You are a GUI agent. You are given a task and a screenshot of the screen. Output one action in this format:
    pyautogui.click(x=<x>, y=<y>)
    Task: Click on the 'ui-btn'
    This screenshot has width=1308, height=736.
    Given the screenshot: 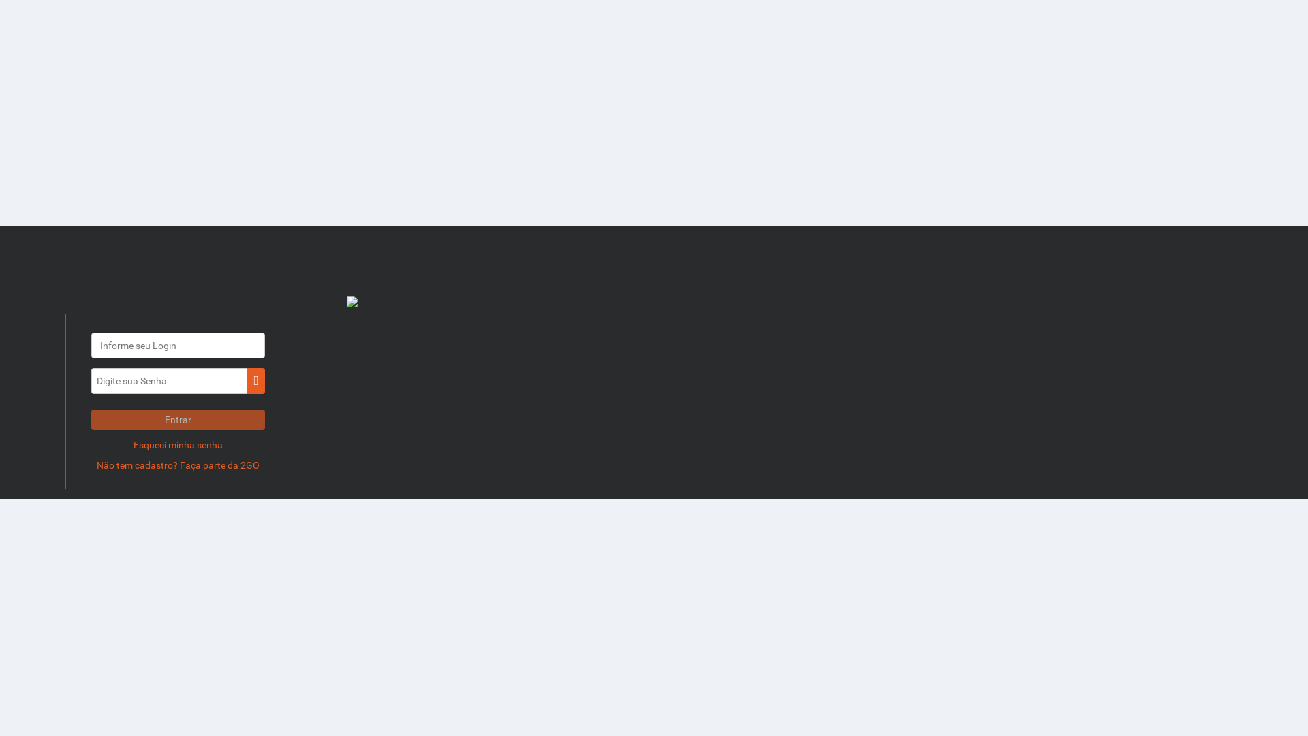 What is the action you would take?
    pyautogui.click(x=255, y=381)
    